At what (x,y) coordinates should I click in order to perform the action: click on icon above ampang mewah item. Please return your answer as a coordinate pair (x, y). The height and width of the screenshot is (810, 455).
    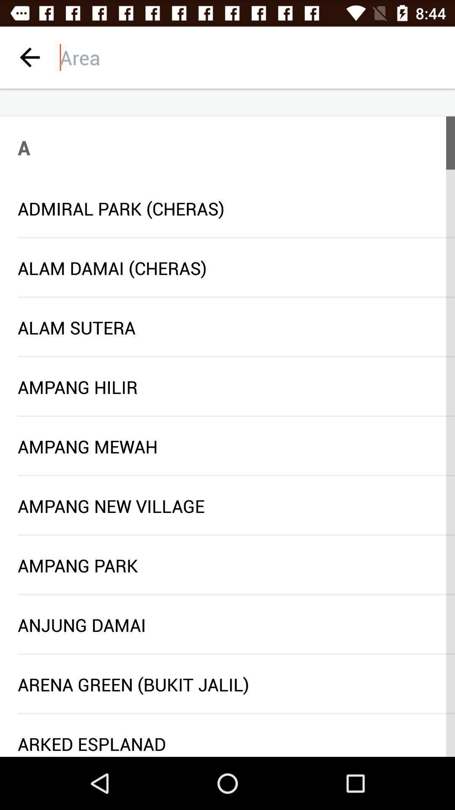
    Looking at the image, I should click on (236, 416).